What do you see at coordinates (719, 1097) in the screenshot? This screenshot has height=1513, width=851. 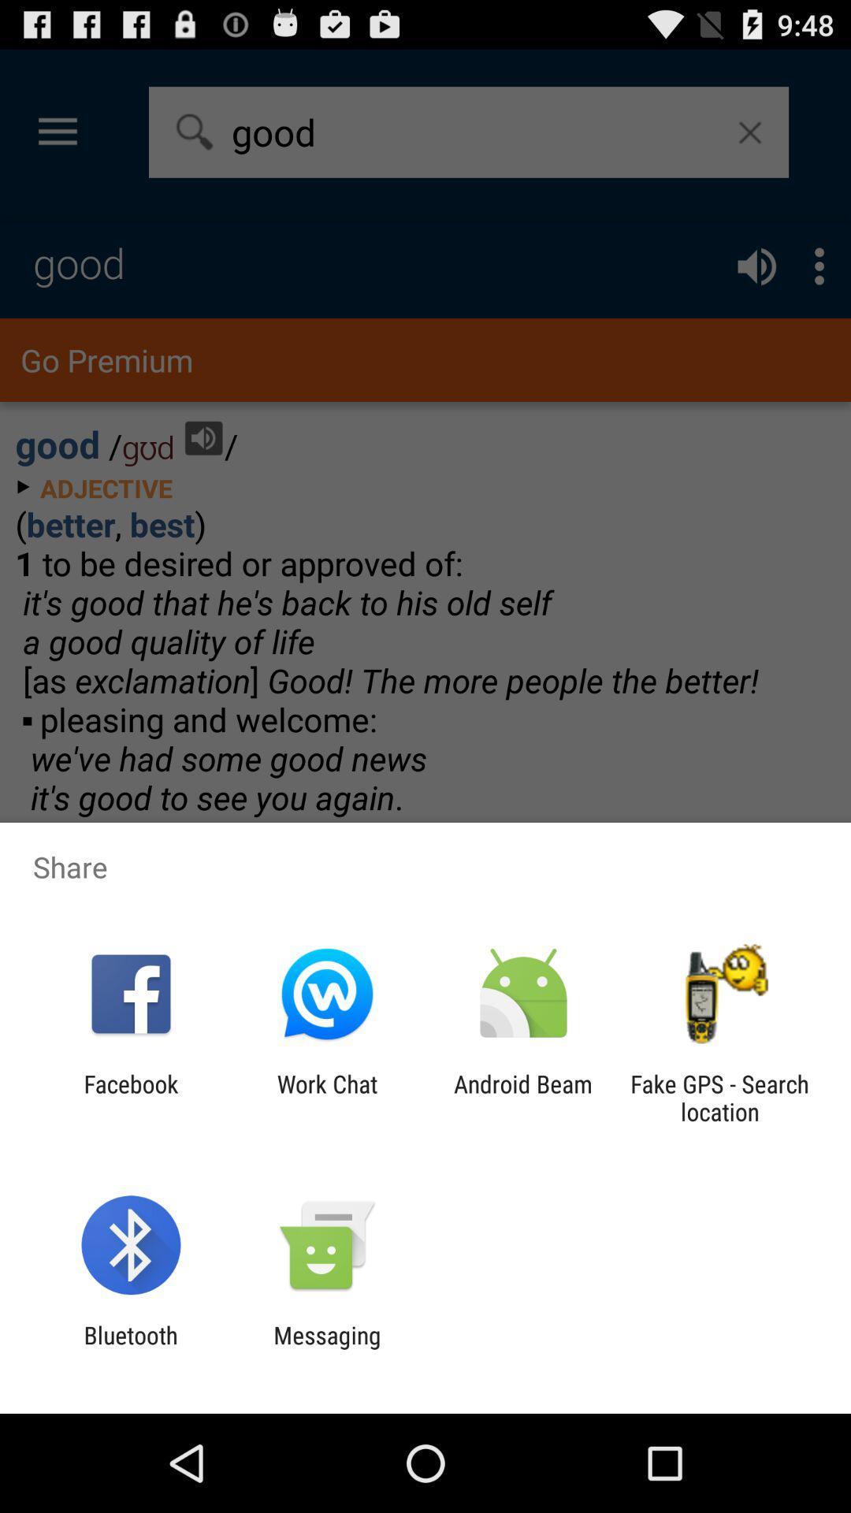 I see `app to the right of android beam` at bounding box center [719, 1097].